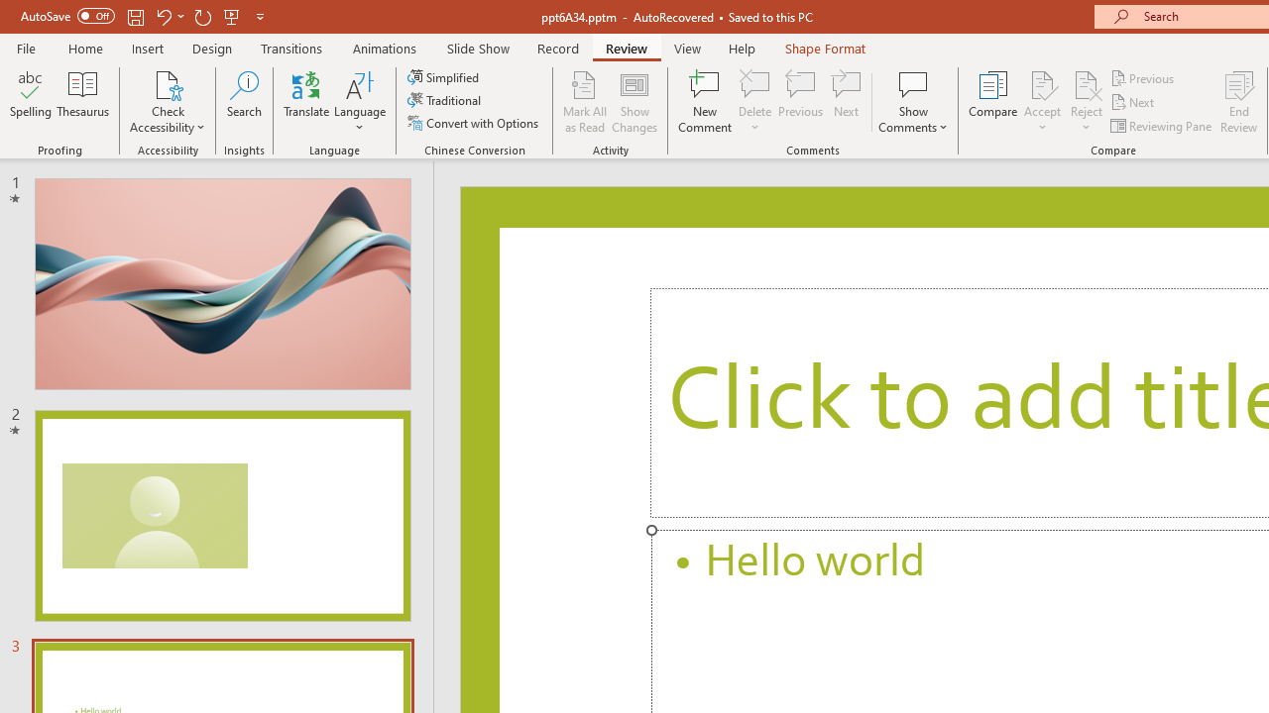 This screenshot has width=1269, height=713. What do you see at coordinates (1041, 102) in the screenshot?
I see `'Accept'` at bounding box center [1041, 102].